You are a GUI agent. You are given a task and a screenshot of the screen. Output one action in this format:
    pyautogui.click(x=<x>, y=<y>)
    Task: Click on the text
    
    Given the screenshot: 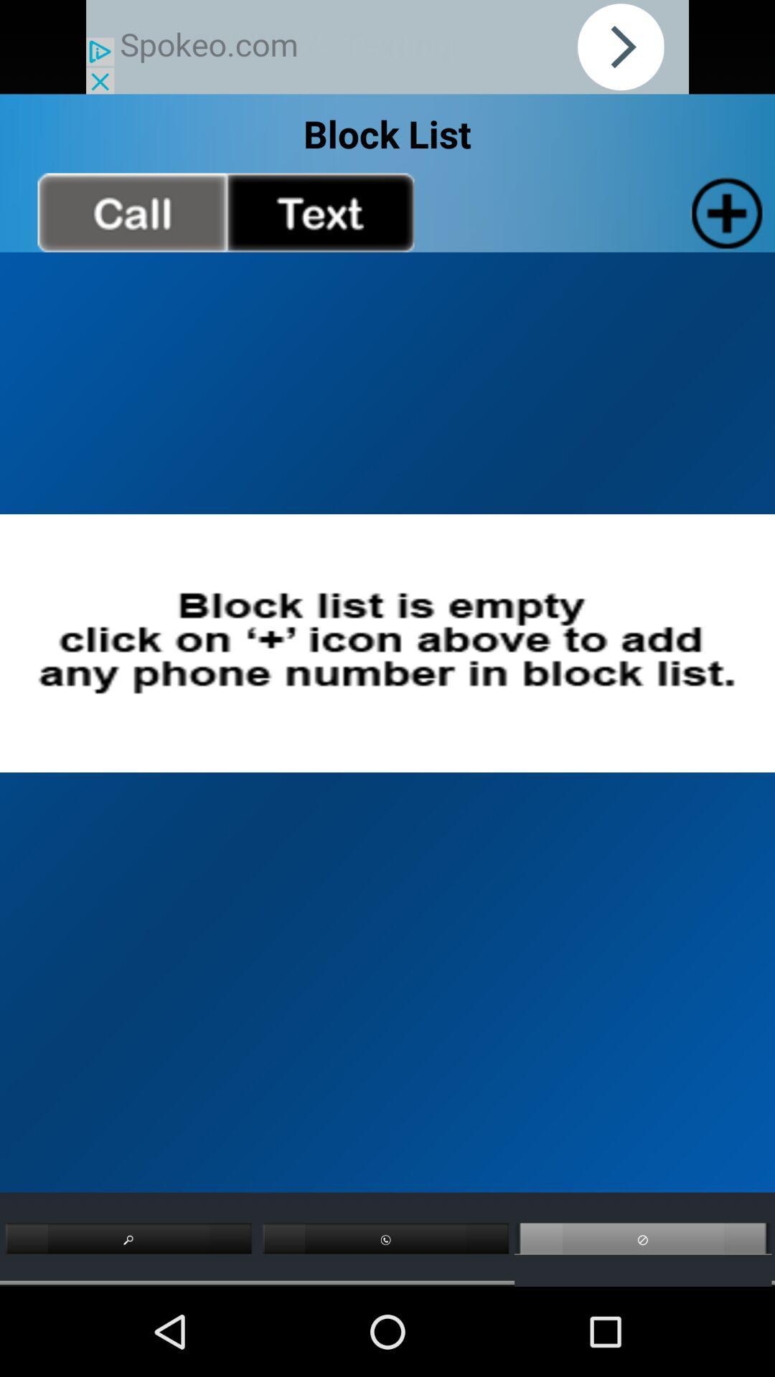 What is the action you would take?
    pyautogui.click(x=319, y=212)
    